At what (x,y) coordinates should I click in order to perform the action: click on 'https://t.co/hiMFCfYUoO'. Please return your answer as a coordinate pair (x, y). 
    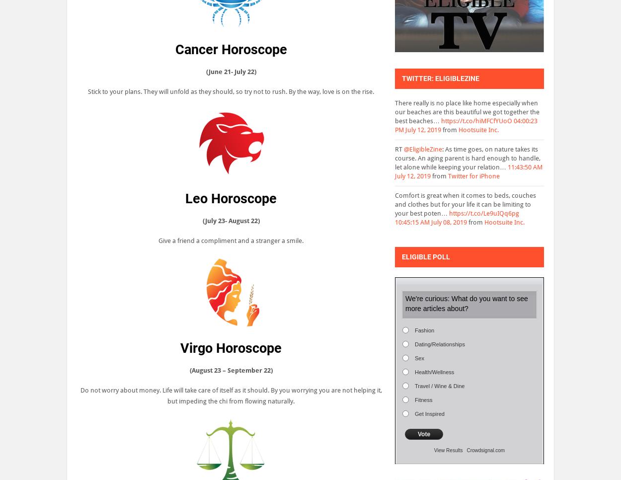
    Looking at the image, I should click on (476, 121).